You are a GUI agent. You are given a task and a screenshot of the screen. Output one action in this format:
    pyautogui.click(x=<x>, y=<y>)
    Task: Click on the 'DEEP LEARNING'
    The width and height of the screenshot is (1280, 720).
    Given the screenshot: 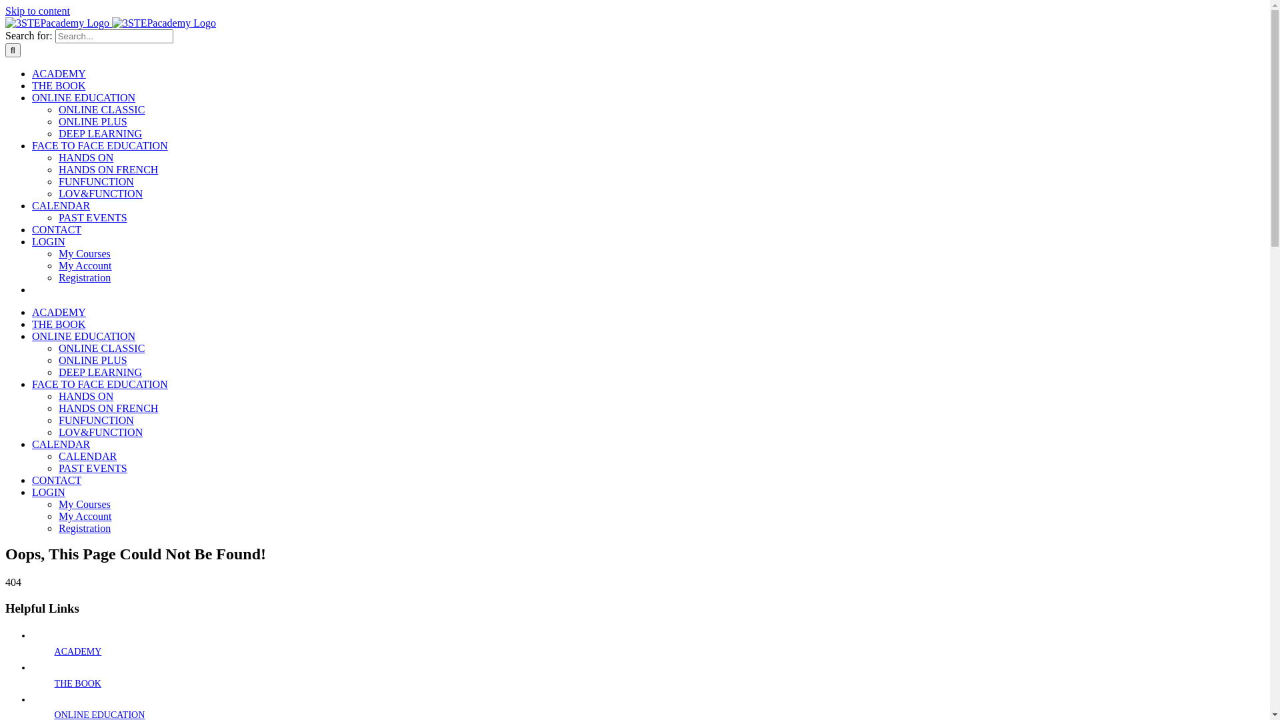 What is the action you would take?
    pyautogui.click(x=99, y=372)
    